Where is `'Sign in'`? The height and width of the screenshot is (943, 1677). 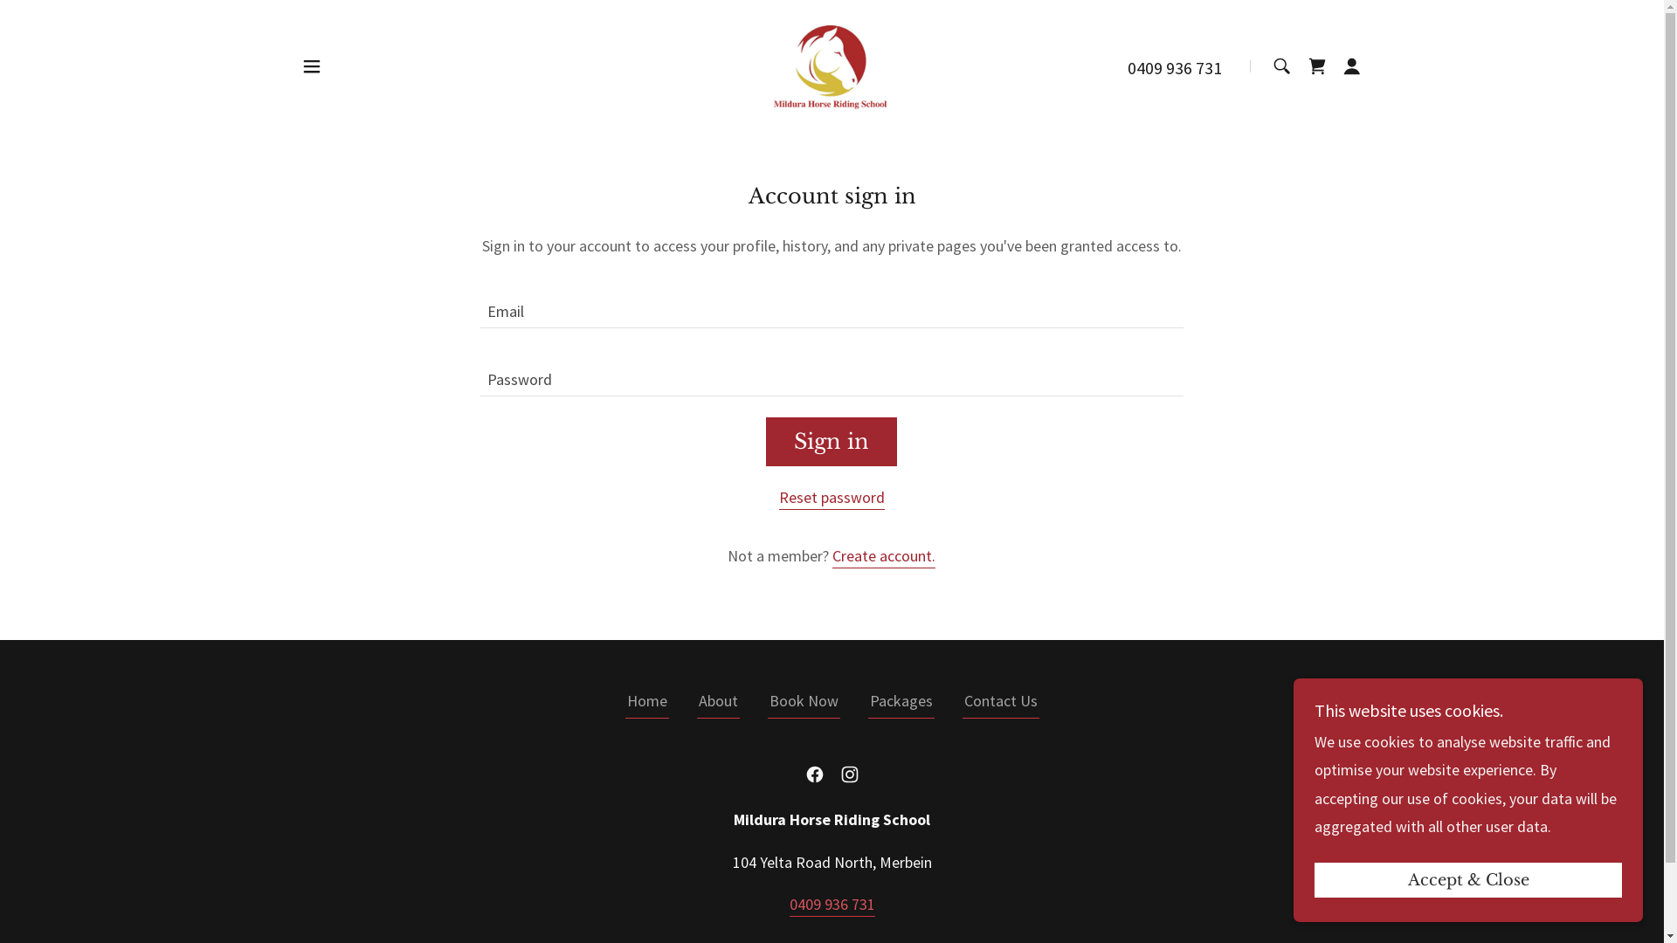
'Sign in' is located at coordinates (830, 440).